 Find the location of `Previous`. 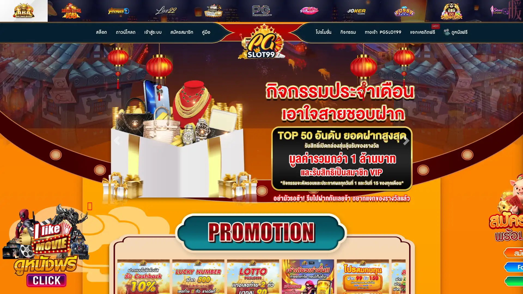

Previous is located at coordinates (116, 139).